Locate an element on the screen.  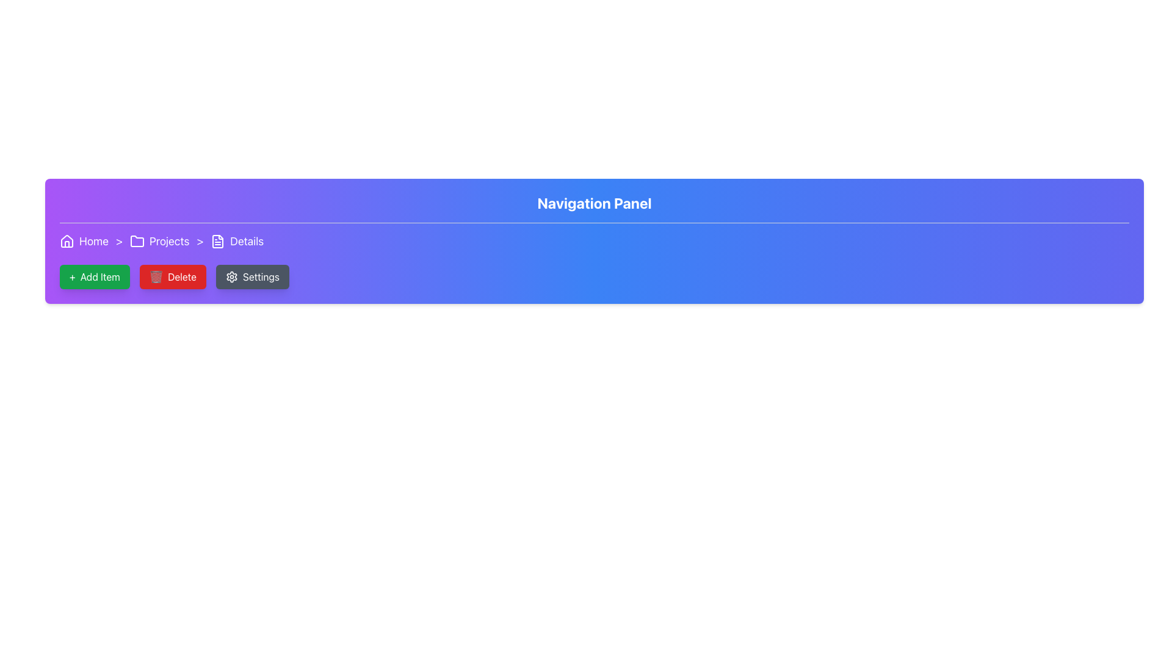
the folder icon located to the left of the 'Projects' label in the navigation breadcrumb trail is located at coordinates (137, 241).